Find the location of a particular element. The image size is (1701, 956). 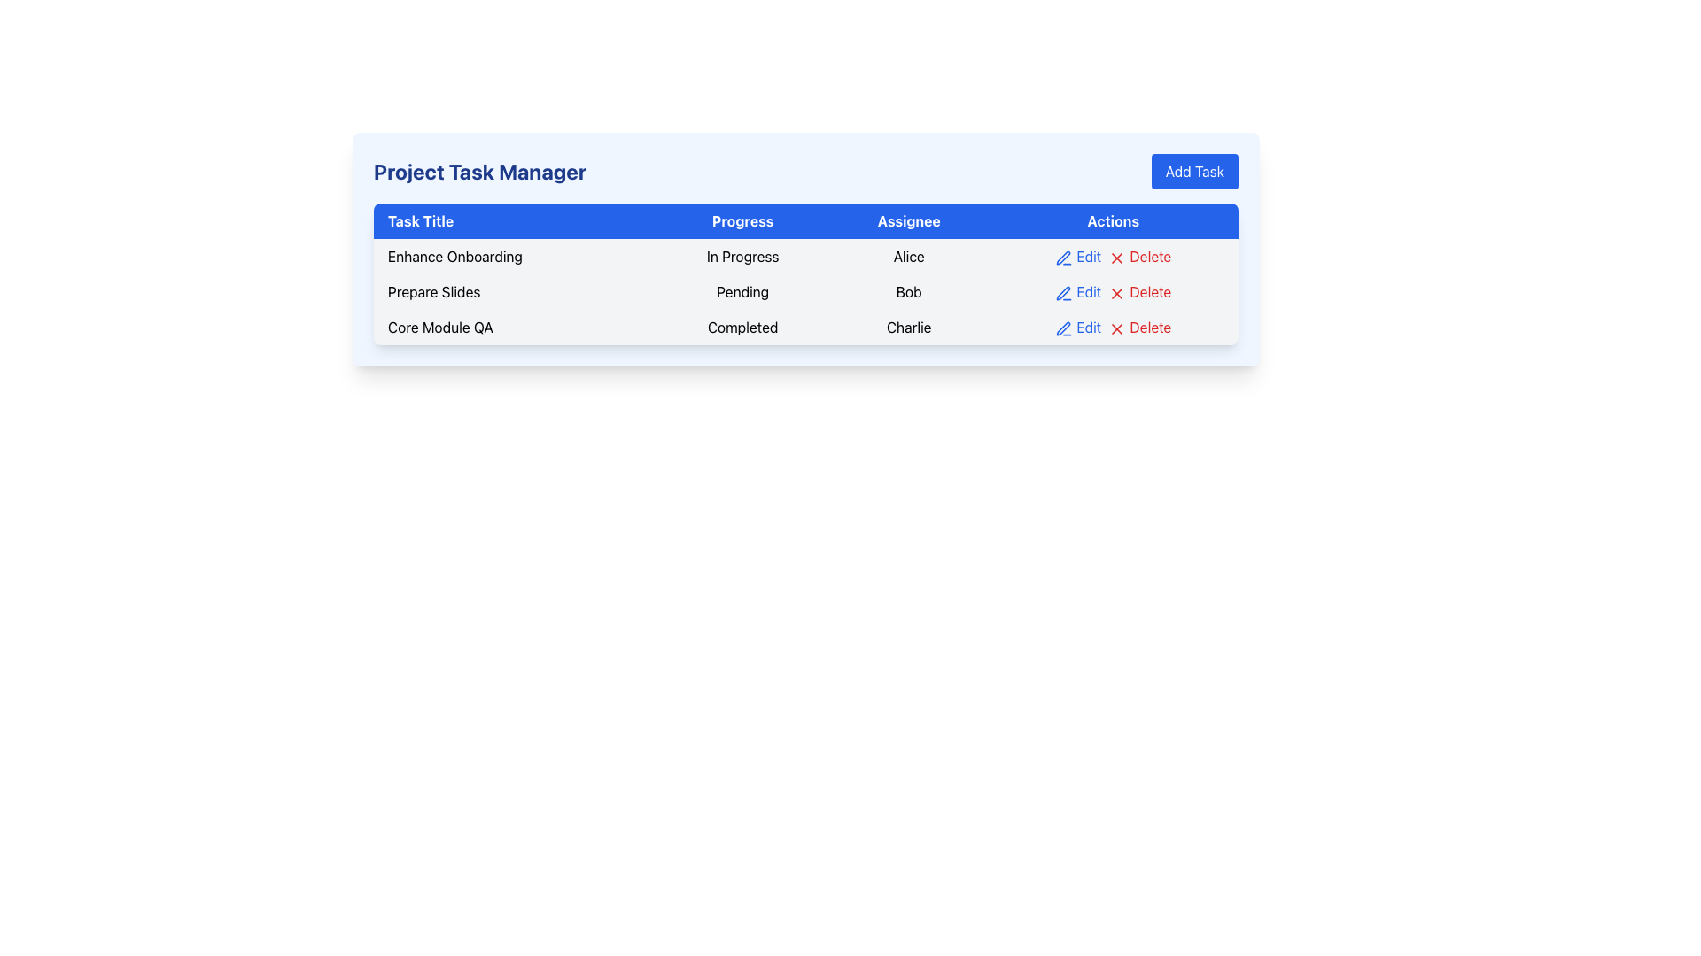

the edit icon located to the left of the 'Edit' text label in the 'Actions' column of the row corresponding to the task 'Prepare Slides' is located at coordinates (1063, 258).